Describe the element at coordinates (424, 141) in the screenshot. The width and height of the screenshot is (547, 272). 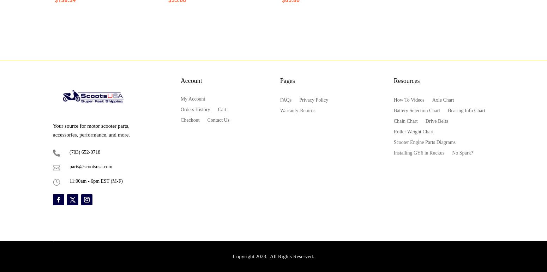
I see `'Scooter Engine Parts Diagrams'` at that location.